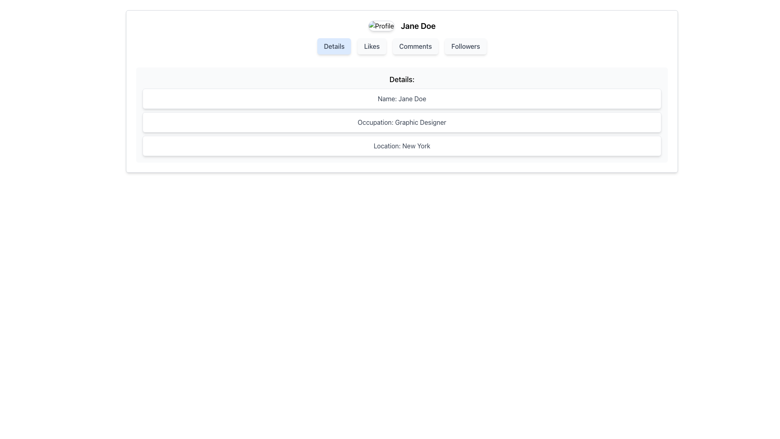 Image resolution: width=780 pixels, height=439 pixels. Describe the element at coordinates (402, 26) in the screenshot. I see `the 'Jane Doe' text in the Profile header to potentially display additional information` at that location.